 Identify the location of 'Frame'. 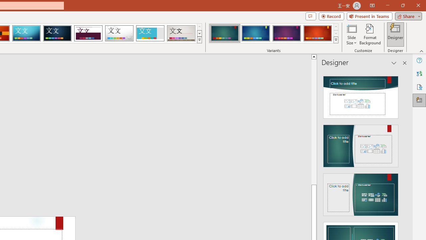
(150, 33).